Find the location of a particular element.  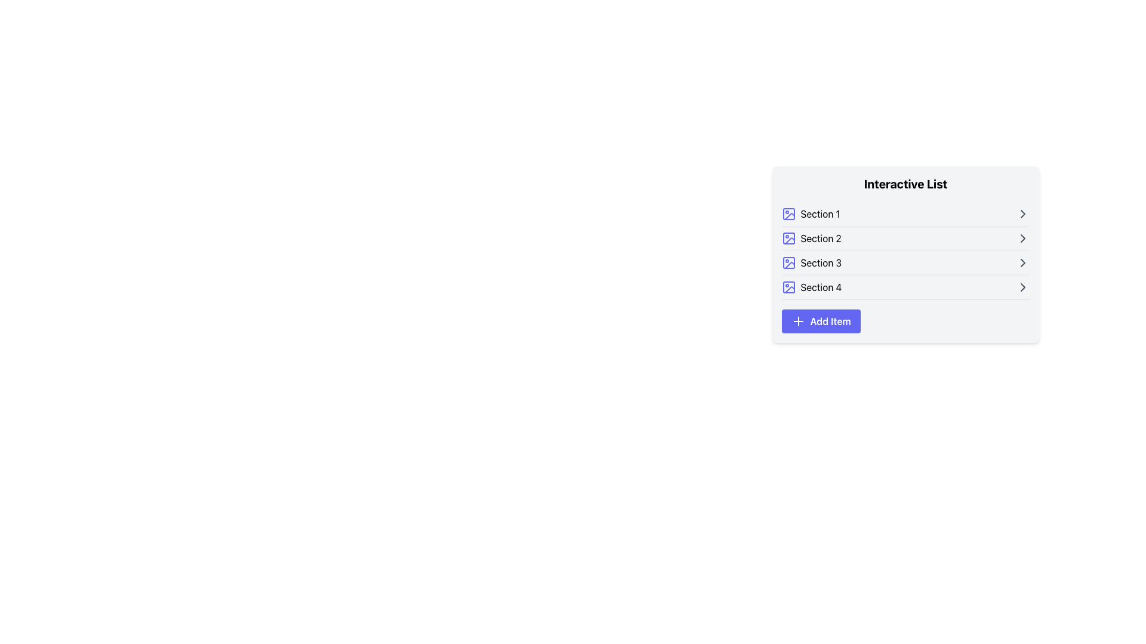

the first list item is located at coordinates (905, 213).